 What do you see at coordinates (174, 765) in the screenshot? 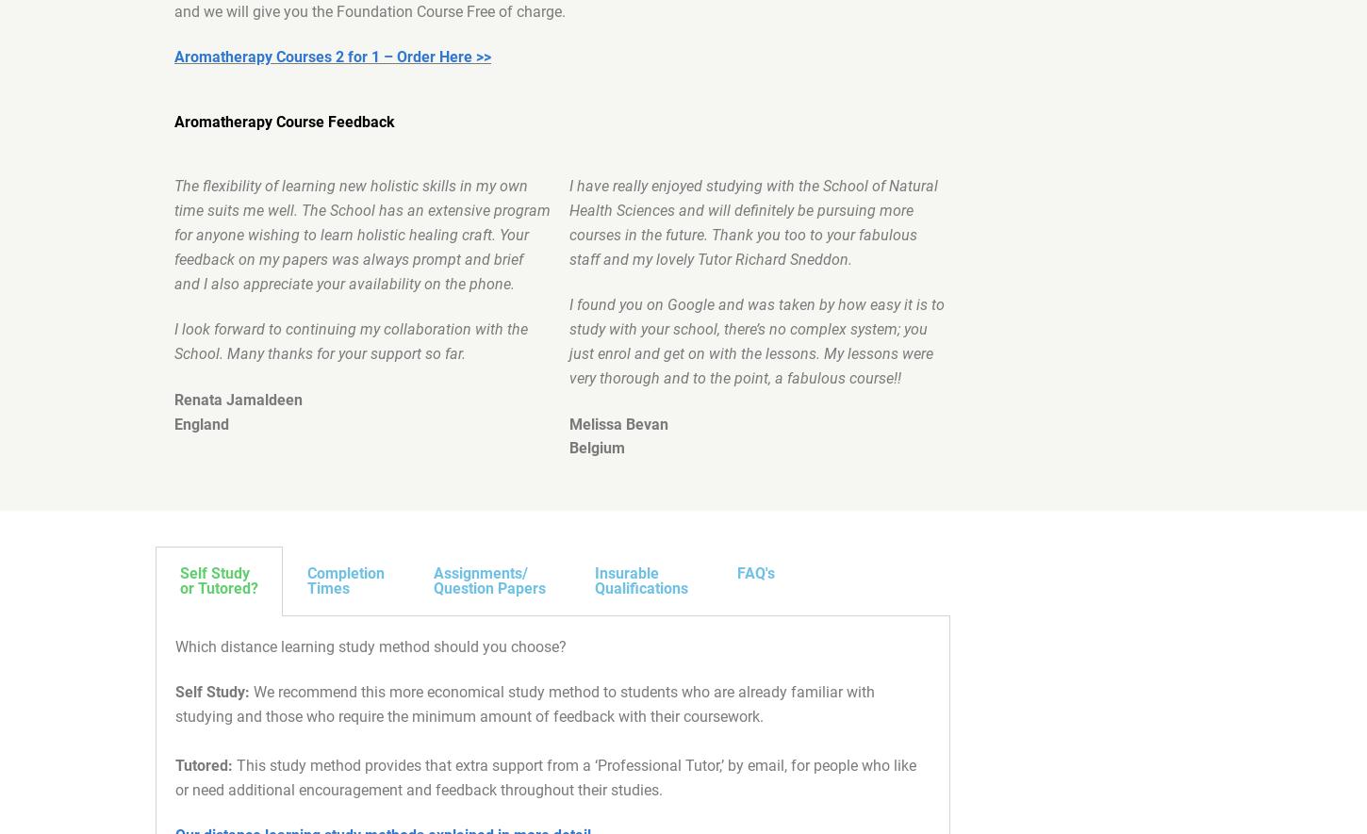
I see `'Tutored:'` at bounding box center [174, 765].